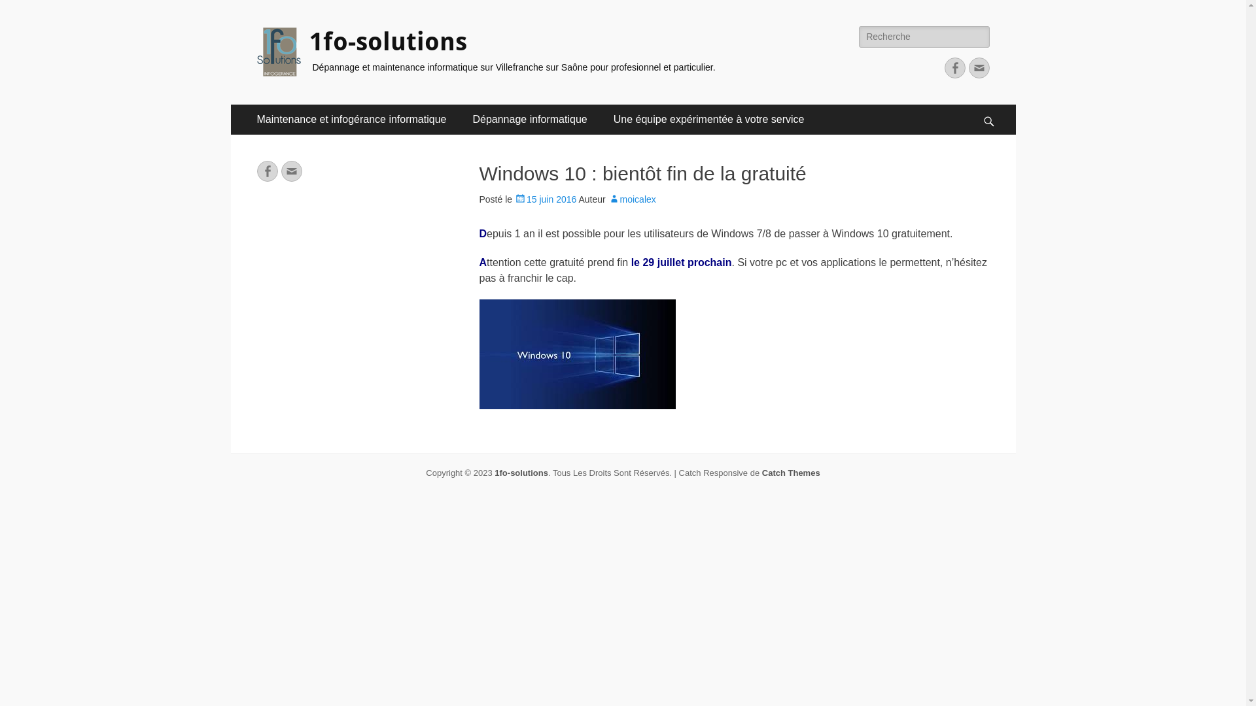 This screenshot has height=706, width=1256. I want to click on 'Adresse de contact', so click(979, 68).